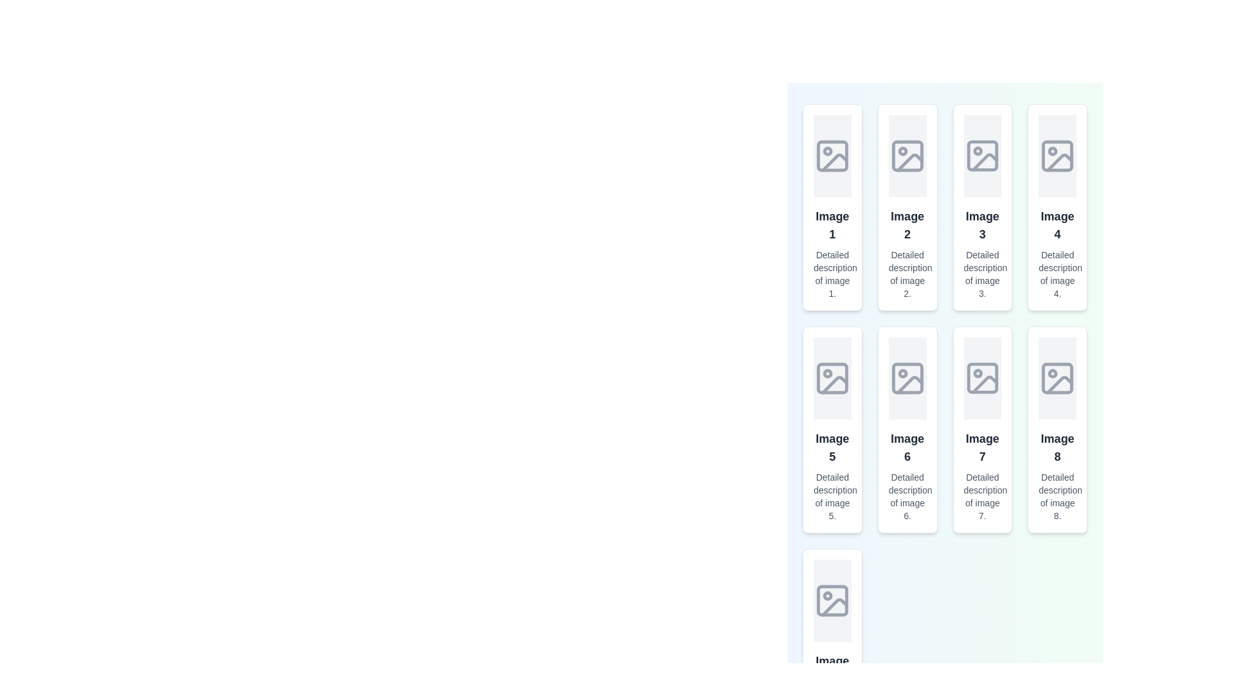 The height and width of the screenshot is (694, 1234). I want to click on the small decorative circle element that is centrally placed within the 'Image 7' card's SVG icon, which is part of a grid layout of eight cards, so click(977, 373).